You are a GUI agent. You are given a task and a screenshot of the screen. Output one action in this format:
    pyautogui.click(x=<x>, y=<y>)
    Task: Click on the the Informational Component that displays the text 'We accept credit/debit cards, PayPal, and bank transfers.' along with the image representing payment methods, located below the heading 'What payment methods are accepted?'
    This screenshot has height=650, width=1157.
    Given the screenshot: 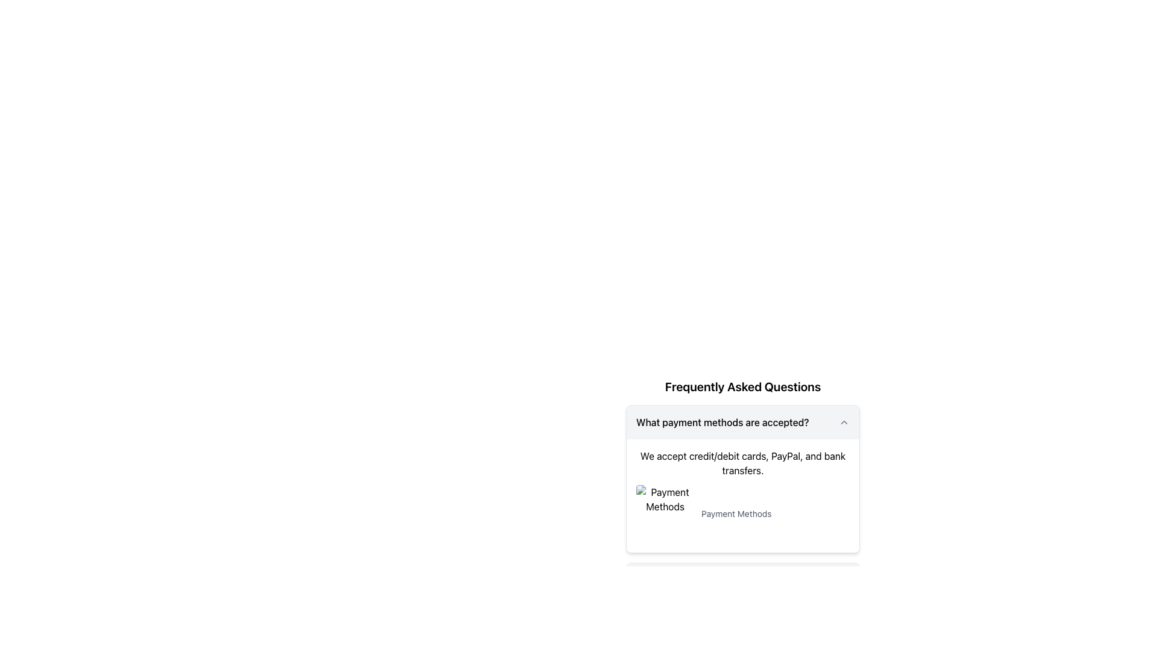 What is the action you would take?
    pyautogui.click(x=742, y=496)
    